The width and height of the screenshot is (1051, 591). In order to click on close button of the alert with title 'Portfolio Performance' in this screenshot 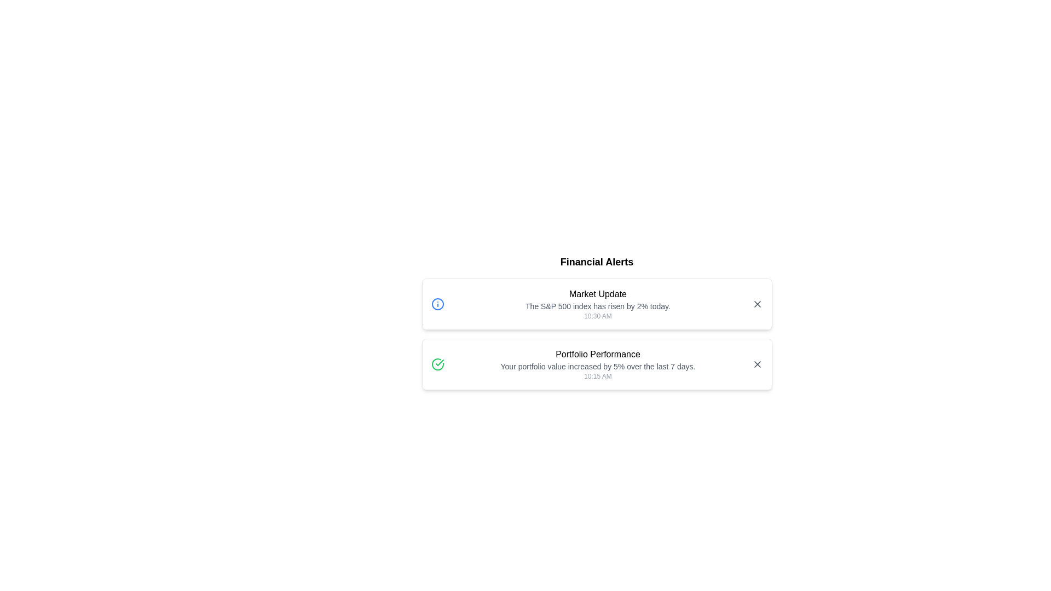, I will do `click(757, 364)`.